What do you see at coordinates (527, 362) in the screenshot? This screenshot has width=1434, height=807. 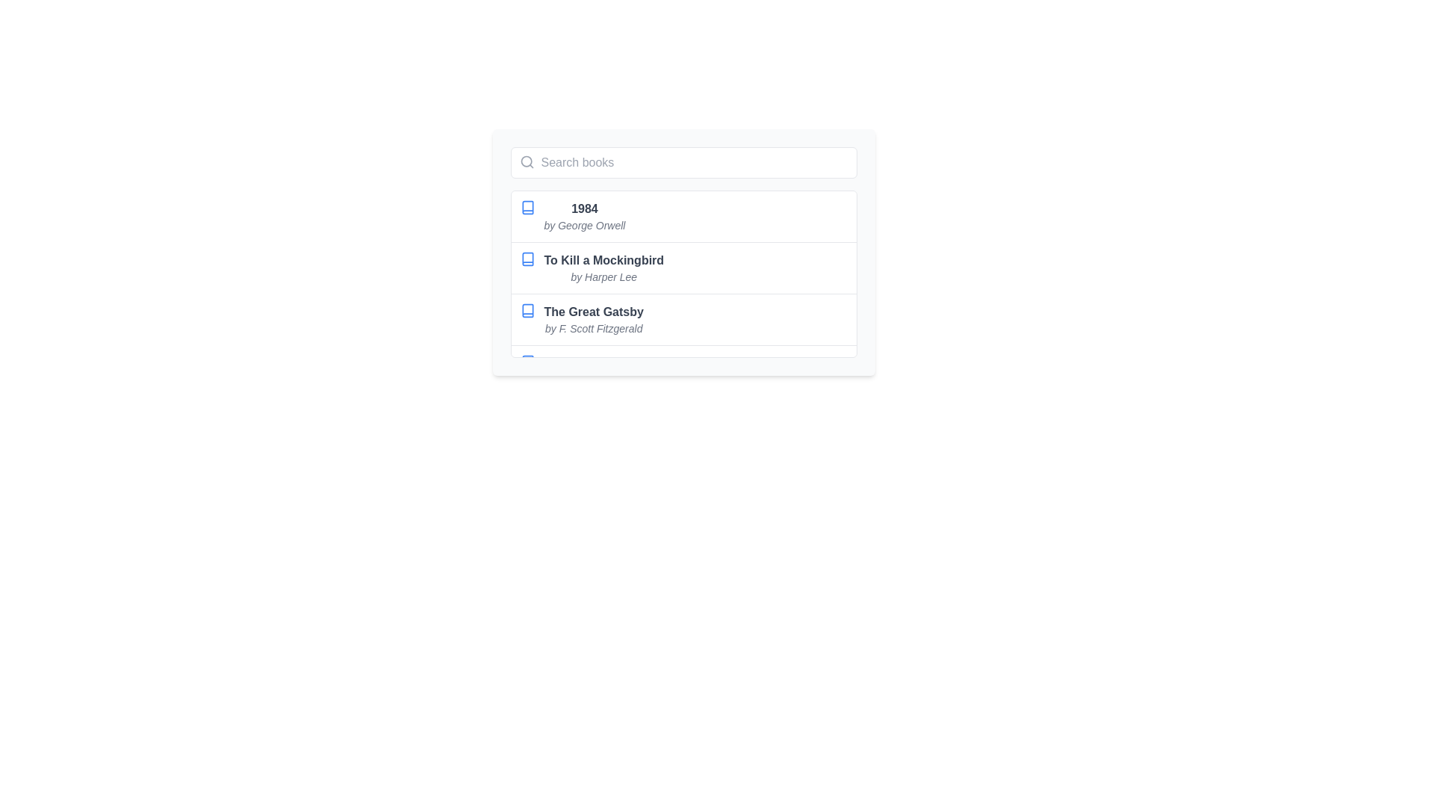 I see `the decorative SVG icon located at the lower left corner of the book listing panel` at bounding box center [527, 362].